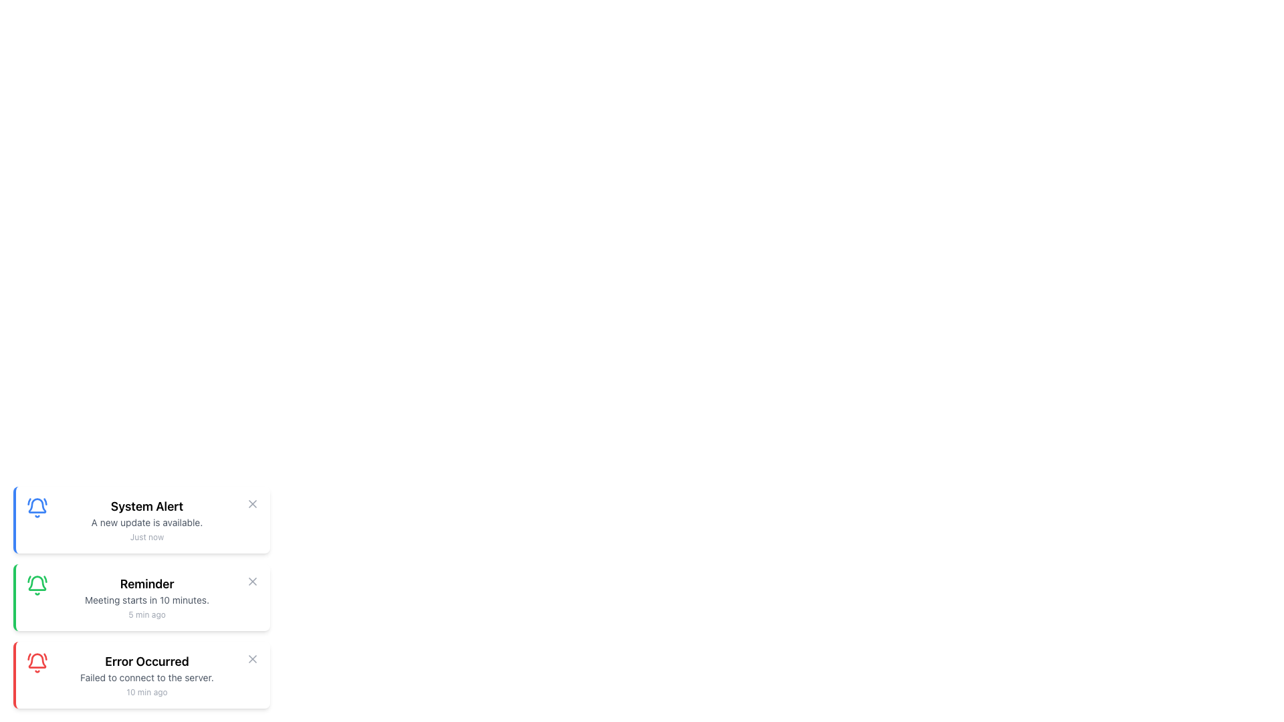  What do you see at coordinates (147, 584) in the screenshot?
I see `the notification title text label, which is centrally positioned at the top of the notification card` at bounding box center [147, 584].